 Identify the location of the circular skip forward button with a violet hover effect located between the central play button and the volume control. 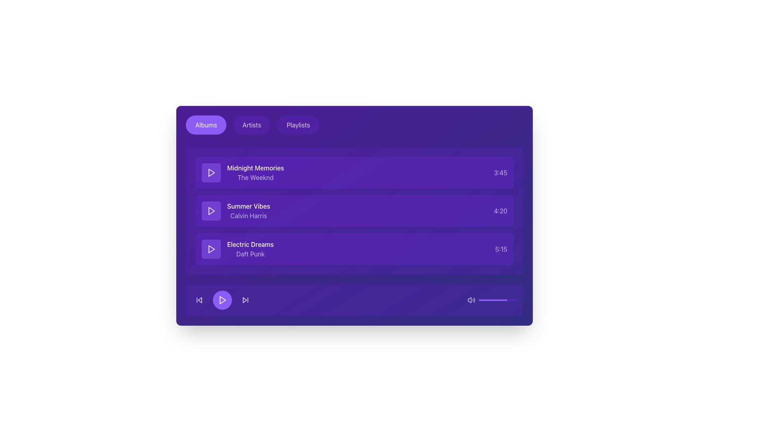
(245, 300).